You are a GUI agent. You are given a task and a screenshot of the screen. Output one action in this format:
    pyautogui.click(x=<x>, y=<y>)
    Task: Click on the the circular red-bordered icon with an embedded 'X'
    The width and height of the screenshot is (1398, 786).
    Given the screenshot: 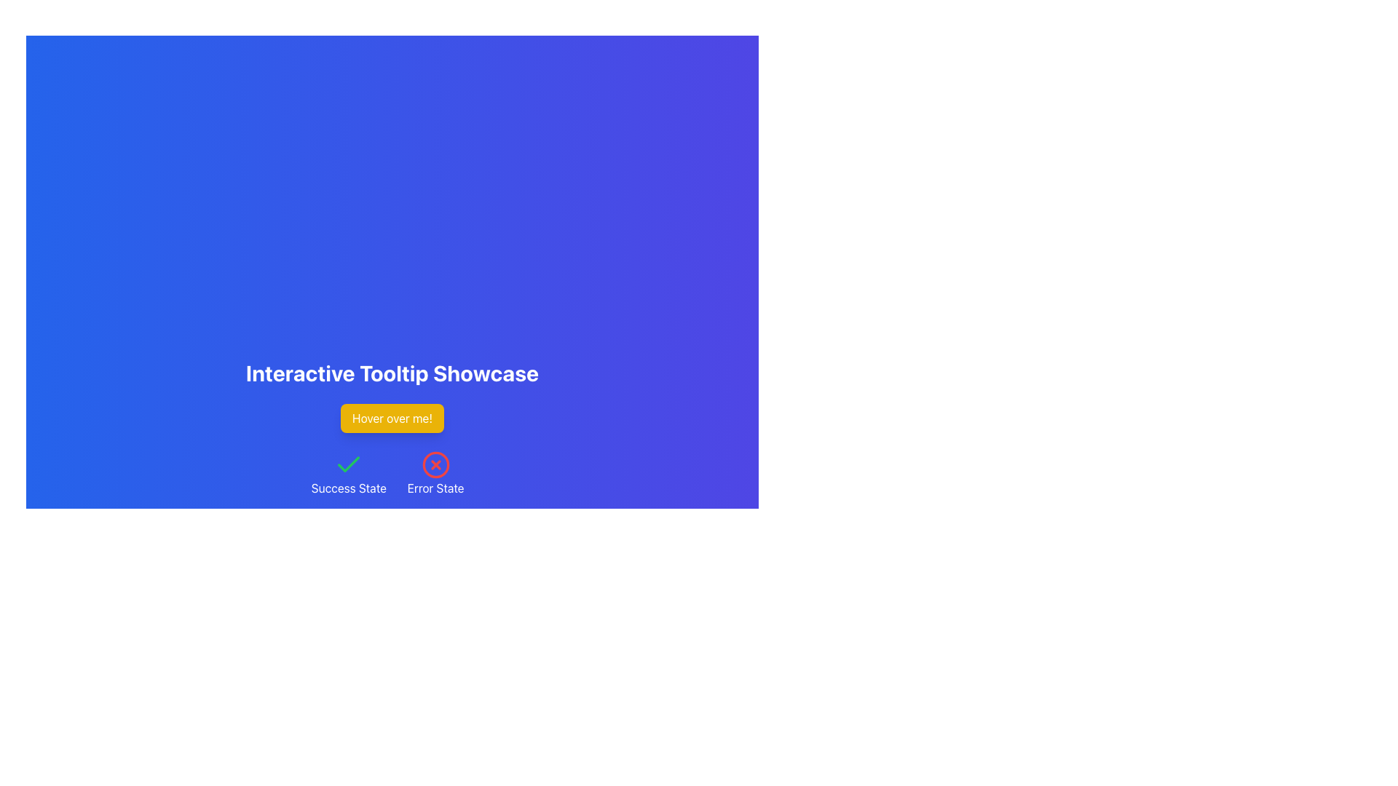 What is the action you would take?
    pyautogui.click(x=435, y=465)
    